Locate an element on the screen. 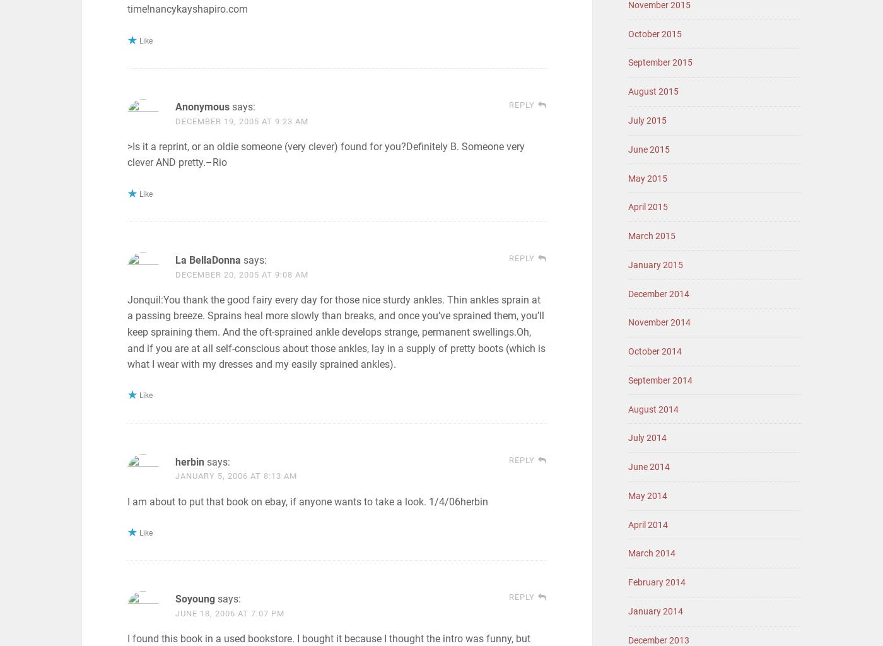 Image resolution: width=883 pixels, height=646 pixels. 'August 2014' is located at coordinates (653, 408).